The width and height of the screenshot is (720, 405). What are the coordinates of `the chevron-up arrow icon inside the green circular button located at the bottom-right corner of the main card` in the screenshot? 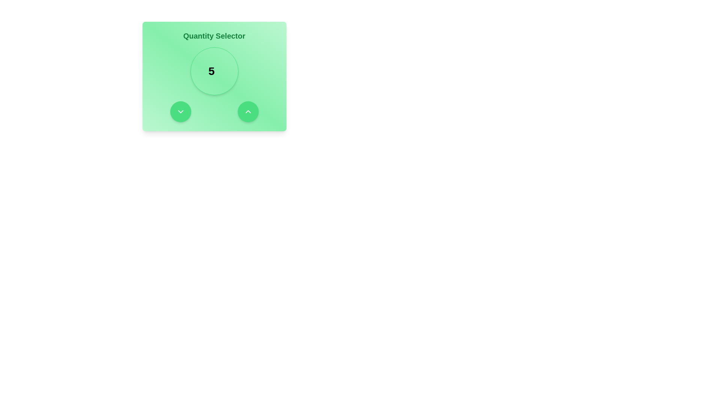 It's located at (248, 111).